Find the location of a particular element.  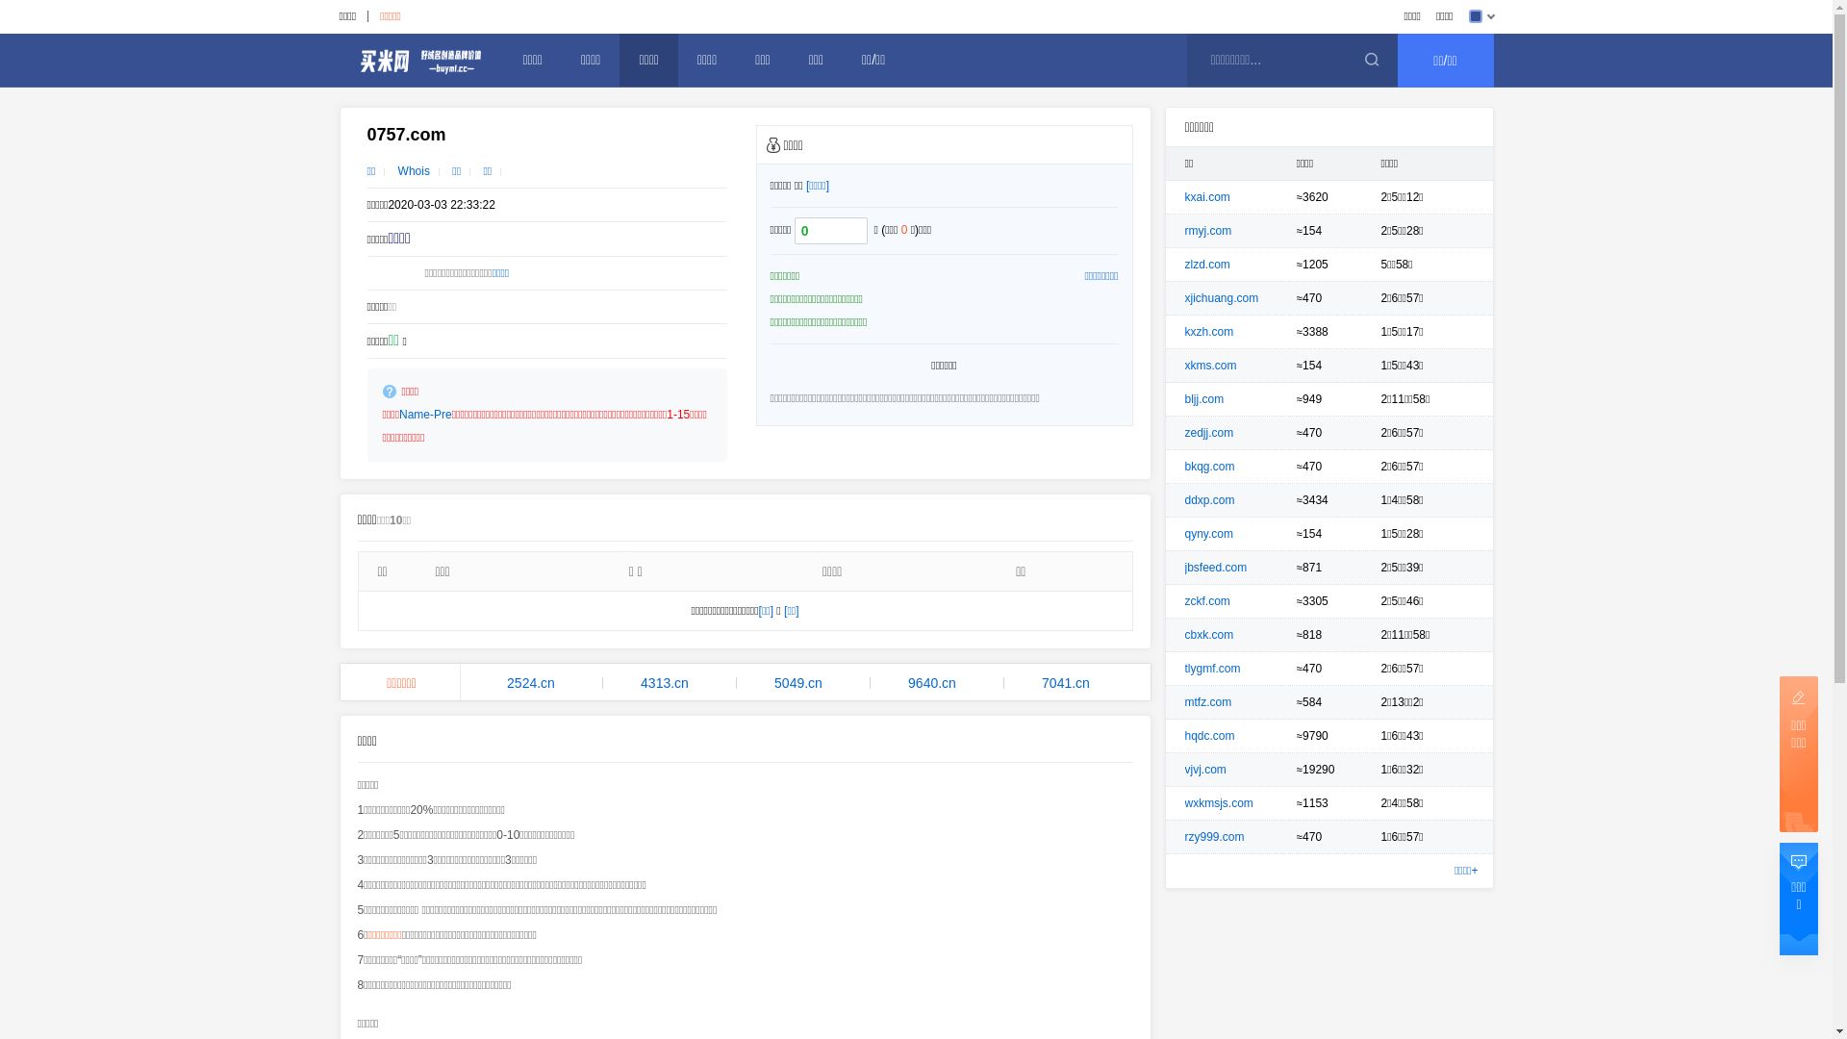

'qyny.com' is located at coordinates (1184, 534).